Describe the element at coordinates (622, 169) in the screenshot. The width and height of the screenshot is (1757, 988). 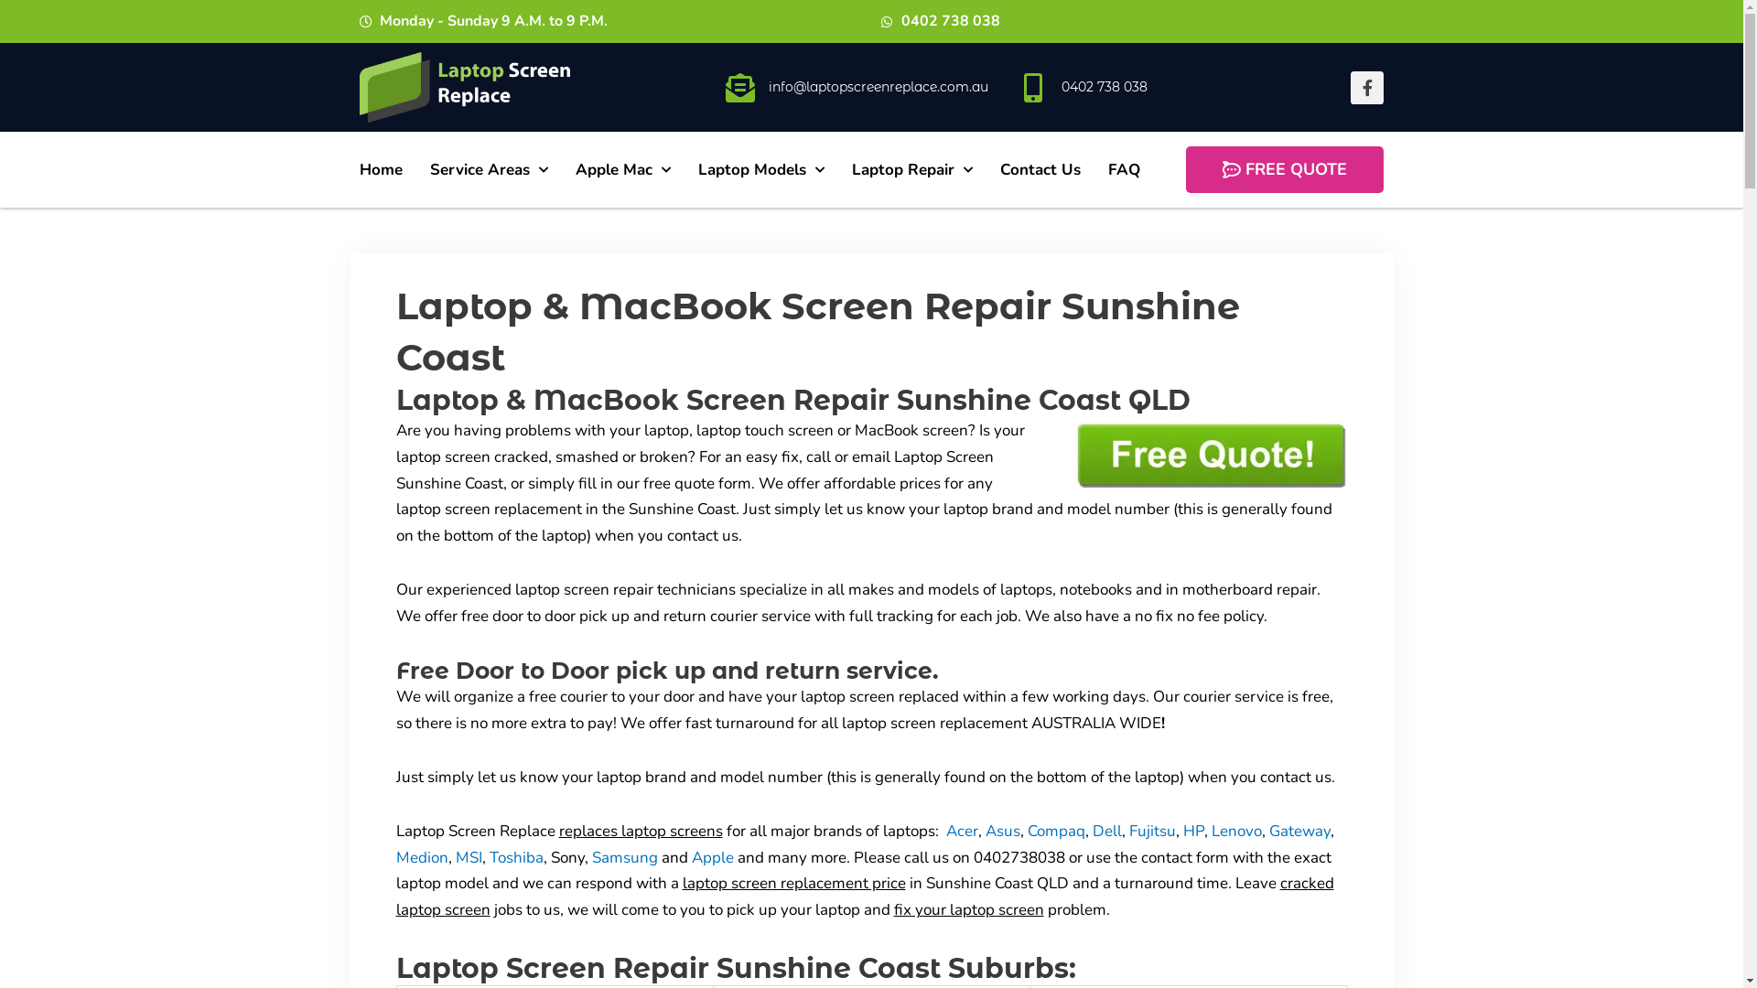
I see `'Apple Mac'` at that location.